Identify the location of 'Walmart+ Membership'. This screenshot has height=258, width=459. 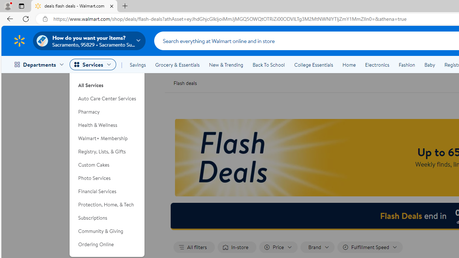
(107, 138).